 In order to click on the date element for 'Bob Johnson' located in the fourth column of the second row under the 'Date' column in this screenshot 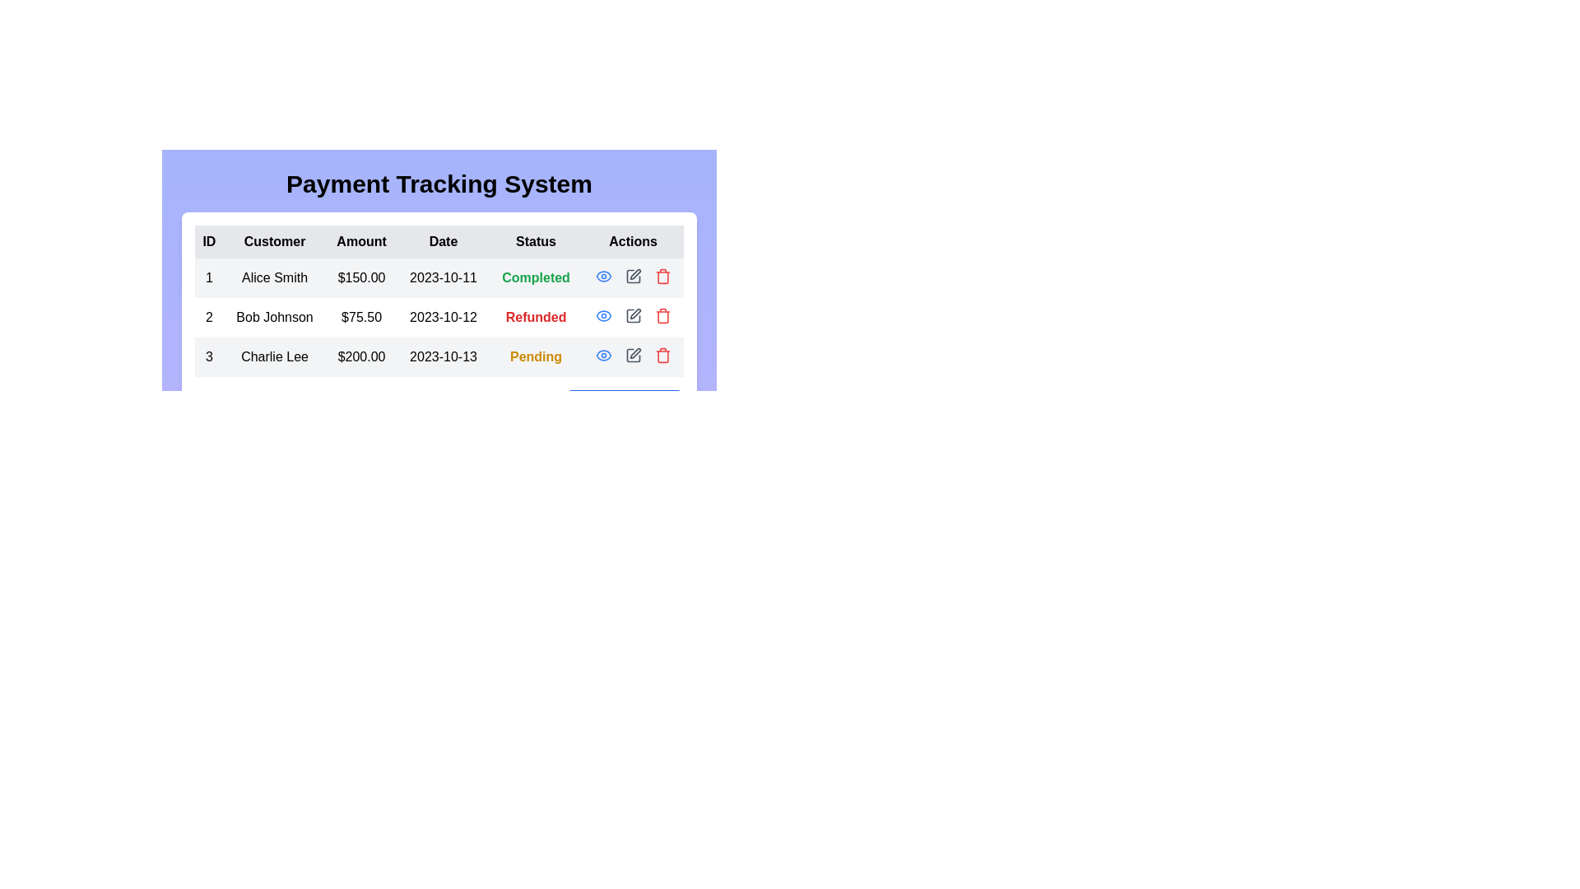, I will do `click(443, 317)`.